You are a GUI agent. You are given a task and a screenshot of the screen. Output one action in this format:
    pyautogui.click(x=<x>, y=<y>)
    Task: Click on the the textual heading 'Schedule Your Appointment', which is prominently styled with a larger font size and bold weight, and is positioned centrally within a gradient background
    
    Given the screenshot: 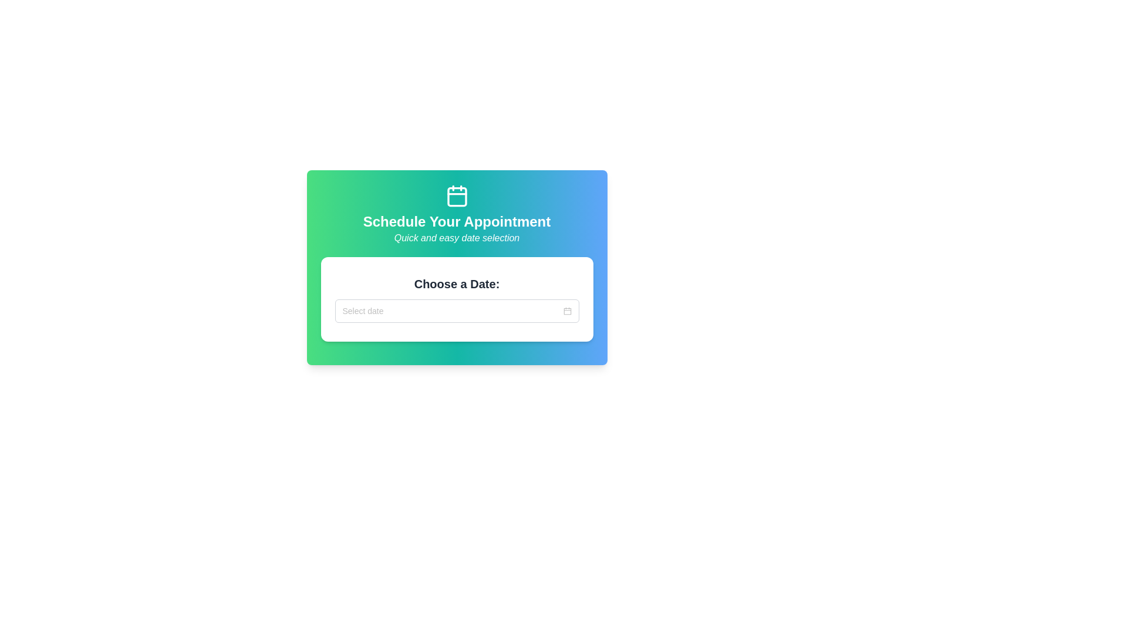 What is the action you would take?
    pyautogui.click(x=456, y=222)
    